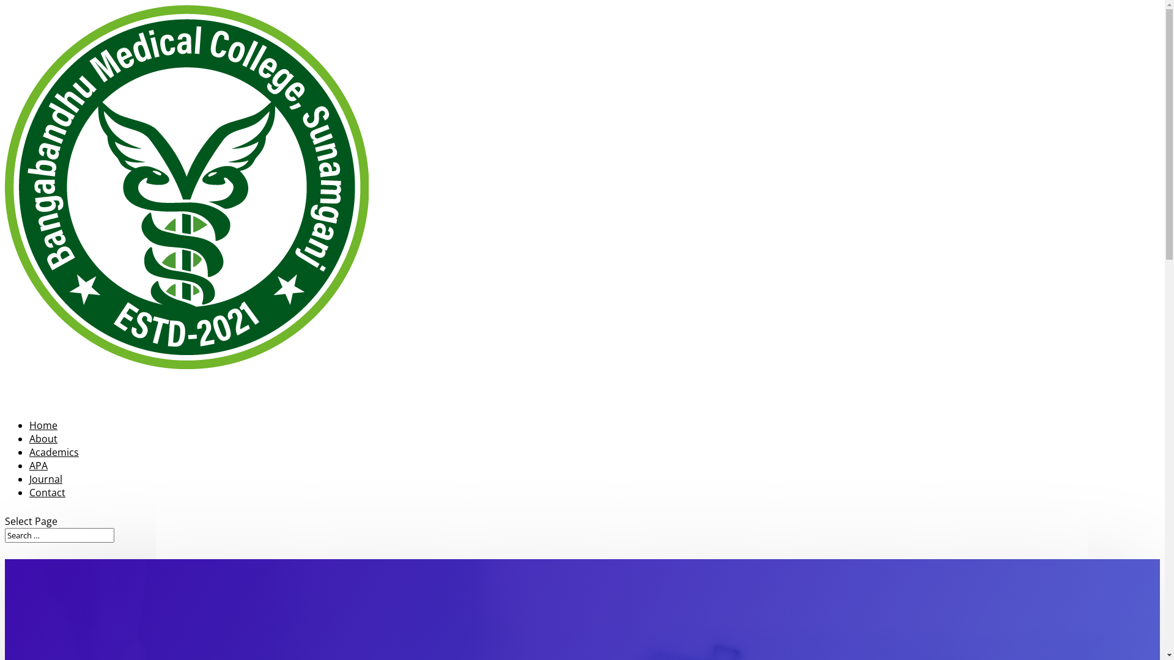 This screenshot has height=660, width=1174. I want to click on 'APA', so click(38, 483).